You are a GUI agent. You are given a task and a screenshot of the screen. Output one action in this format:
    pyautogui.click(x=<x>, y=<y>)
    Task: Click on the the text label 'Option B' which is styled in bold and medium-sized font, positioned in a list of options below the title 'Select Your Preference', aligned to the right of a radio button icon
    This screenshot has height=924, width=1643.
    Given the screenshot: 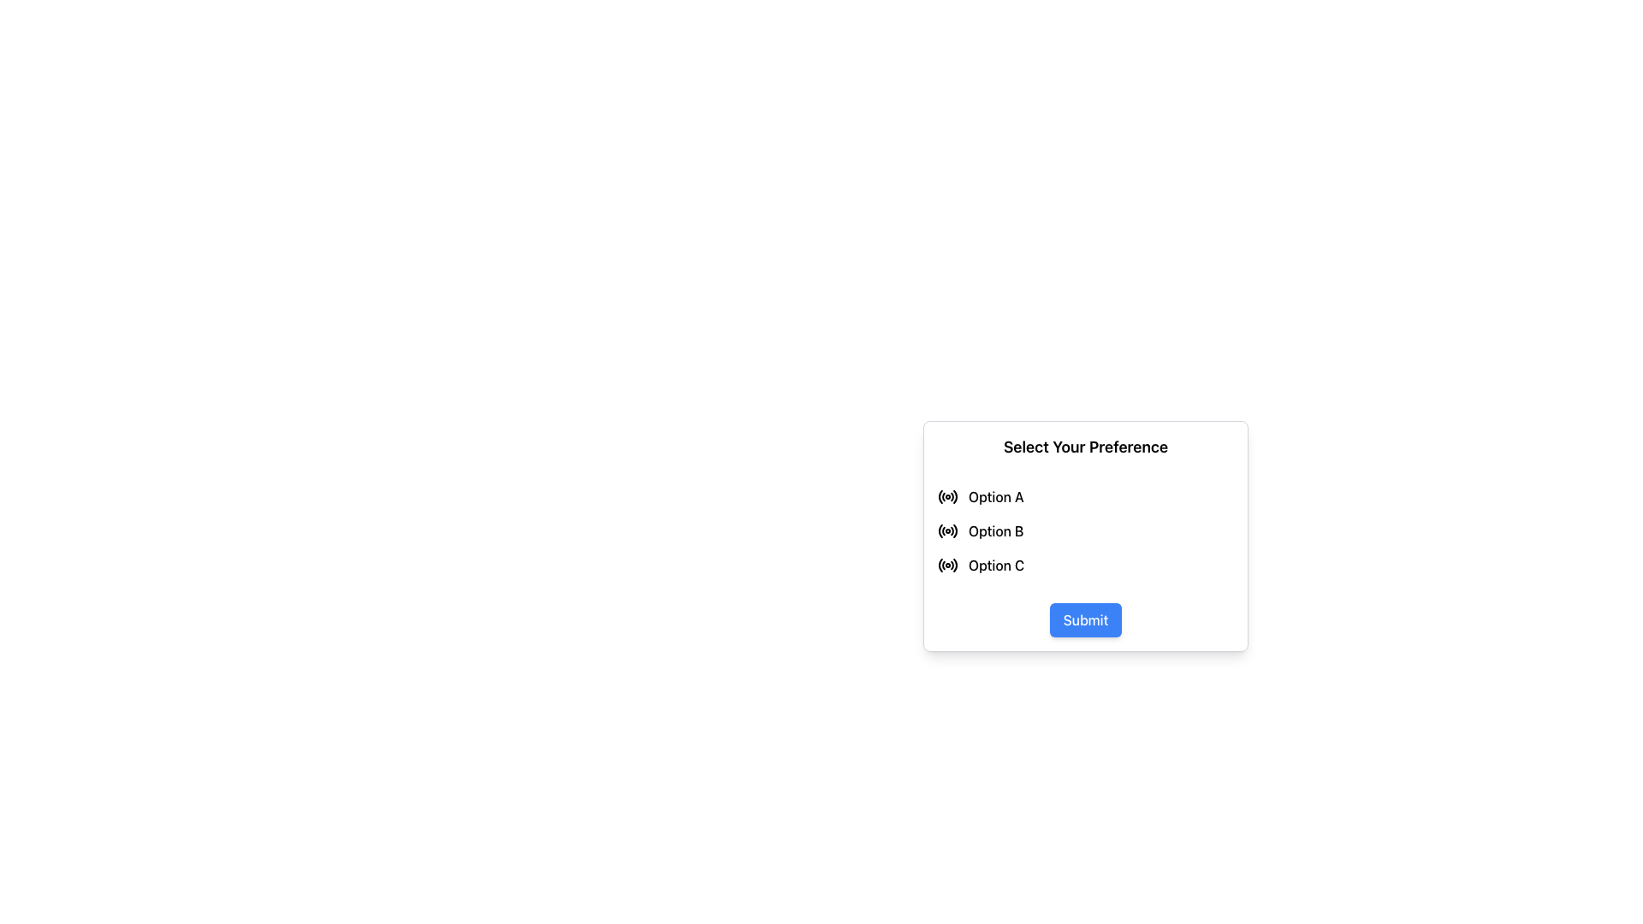 What is the action you would take?
    pyautogui.click(x=996, y=530)
    